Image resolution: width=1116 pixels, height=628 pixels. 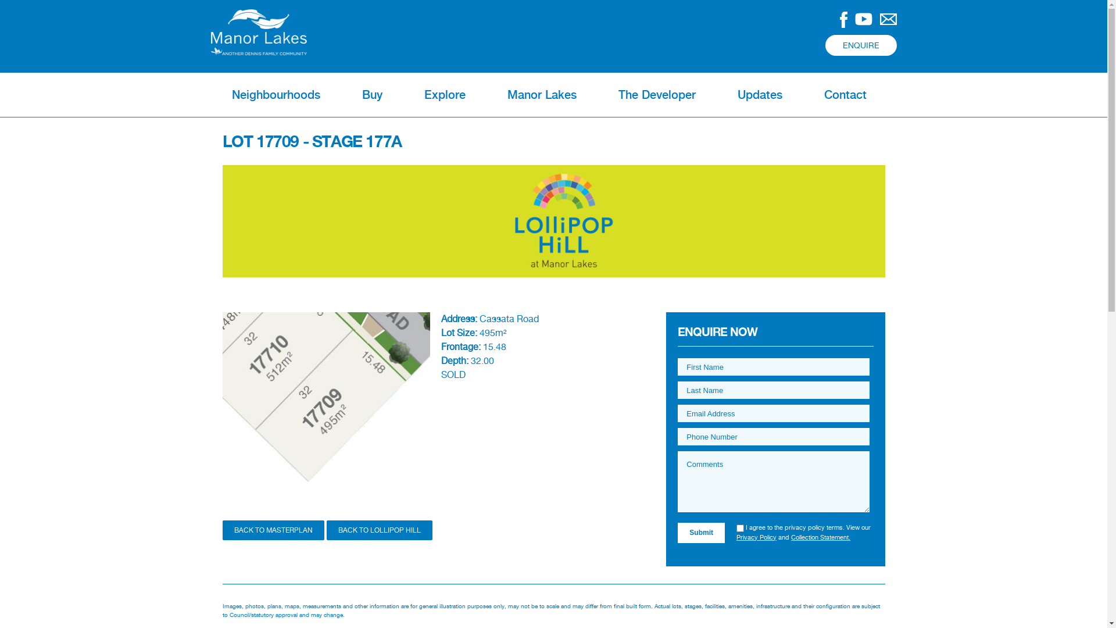 What do you see at coordinates (845, 94) in the screenshot?
I see `'Contact'` at bounding box center [845, 94].